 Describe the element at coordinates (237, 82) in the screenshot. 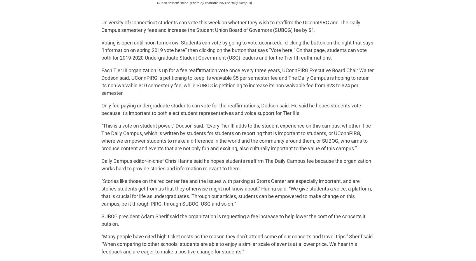

I see `'Each Tier III organization is up for a fee reaffirmation vote once every three years, UConnPIRG Executive Board Chair Walter Dodson said. UConnPIRG is petitioning to keep its waivable $5 per semester fee and The Daily Campus is hoping to retain its non-waivable $10 semesterly fee, while SUBOG is petitioning to increase its non-waivable fee from $23 to $24 per semester.'` at that location.